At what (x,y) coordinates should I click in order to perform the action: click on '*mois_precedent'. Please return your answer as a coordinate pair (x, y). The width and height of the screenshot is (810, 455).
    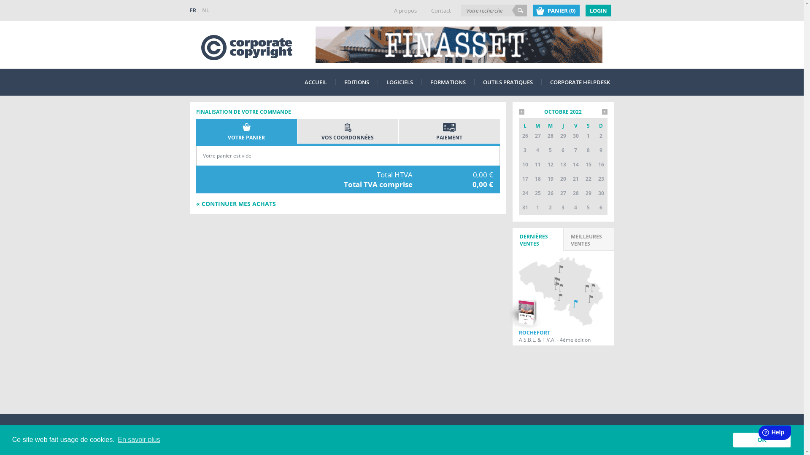
    Looking at the image, I should click on (521, 111).